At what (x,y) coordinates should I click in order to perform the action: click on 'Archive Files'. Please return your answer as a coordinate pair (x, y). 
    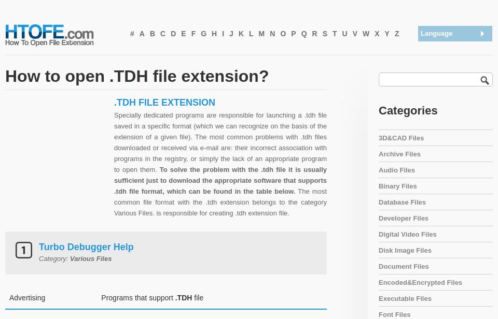
    Looking at the image, I should click on (399, 154).